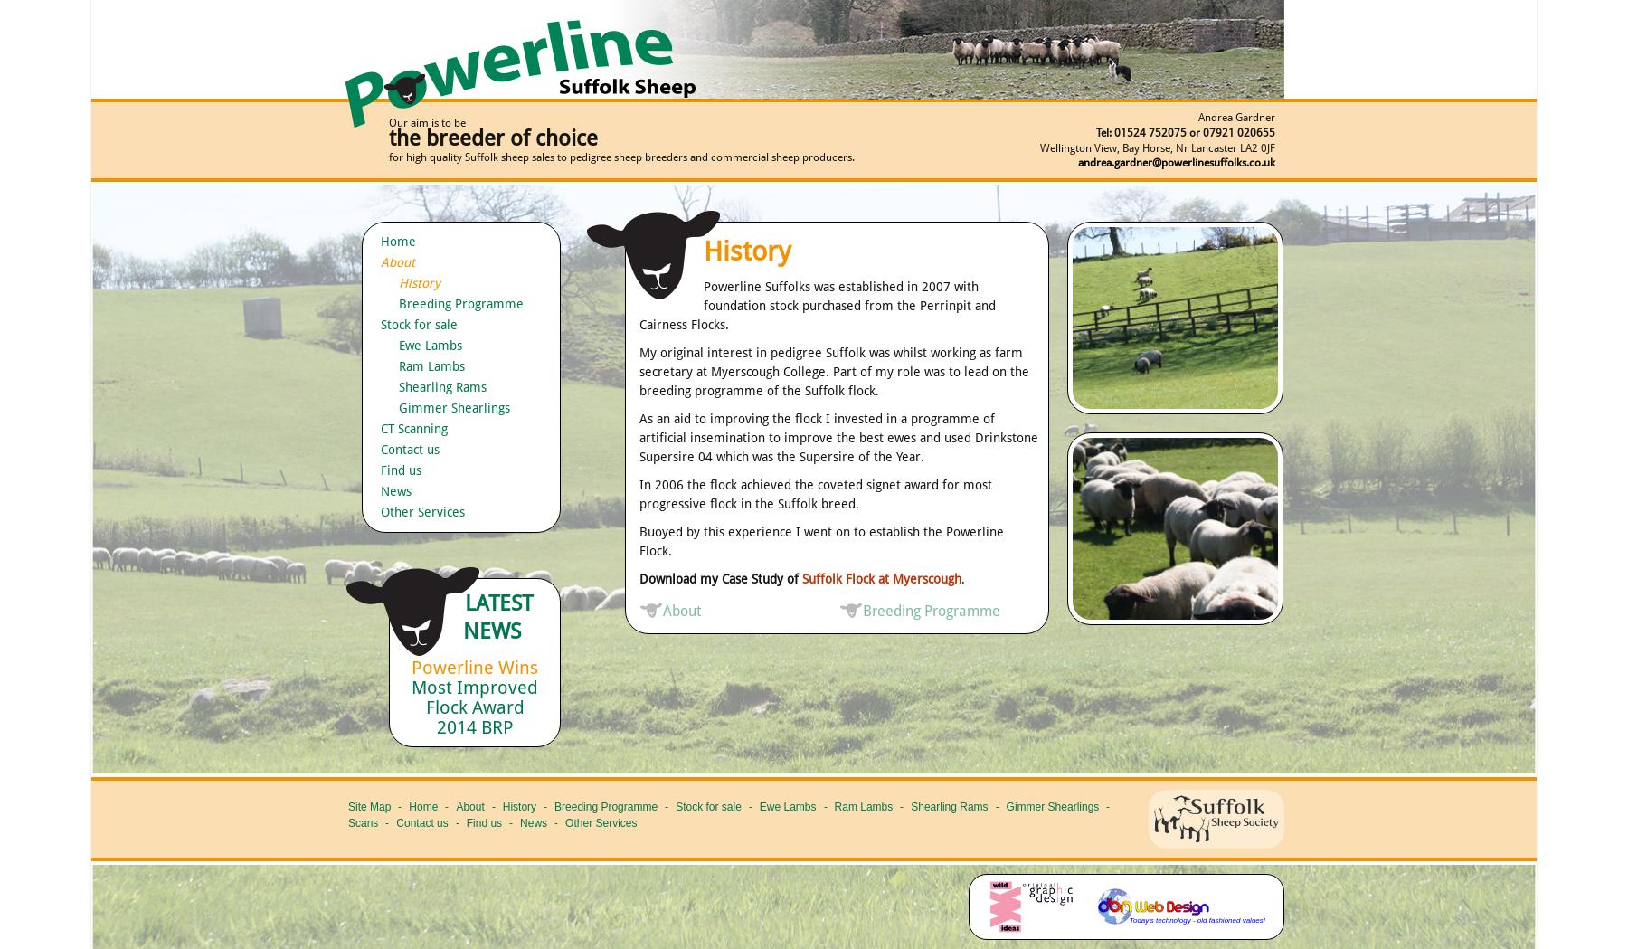  I want to click on 'Find us', so click(482, 822).